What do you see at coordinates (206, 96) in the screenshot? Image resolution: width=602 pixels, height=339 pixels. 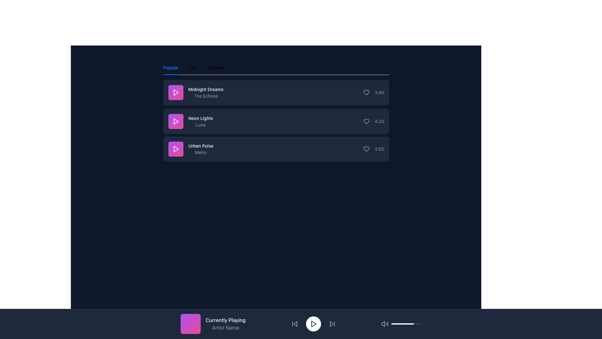 I see `the Text Label that displays the subtitle or associated information for the list item 'Midnight Dreams', which is centrally aligned below the text 'Midnight Dreams' in the first item of the 'Popular' list category` at bounding box center [206, 96].